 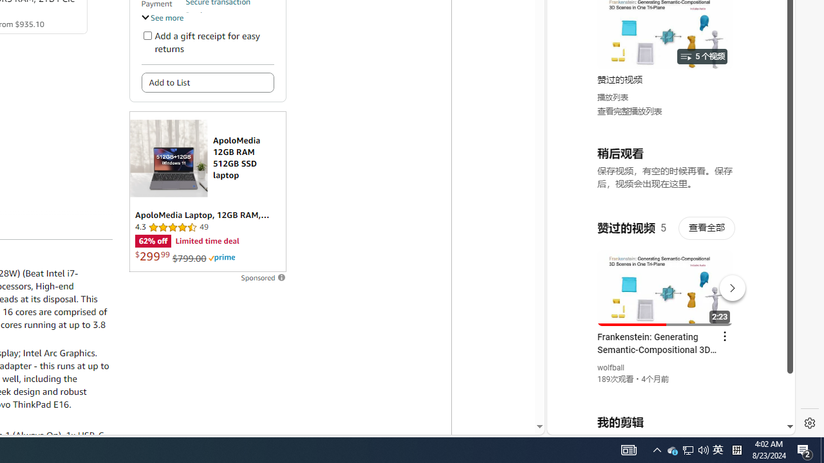 What do you see at coordinates (666, 277) in the screenshot?
I see `'YouTube'` at bounding box center [666, 277].